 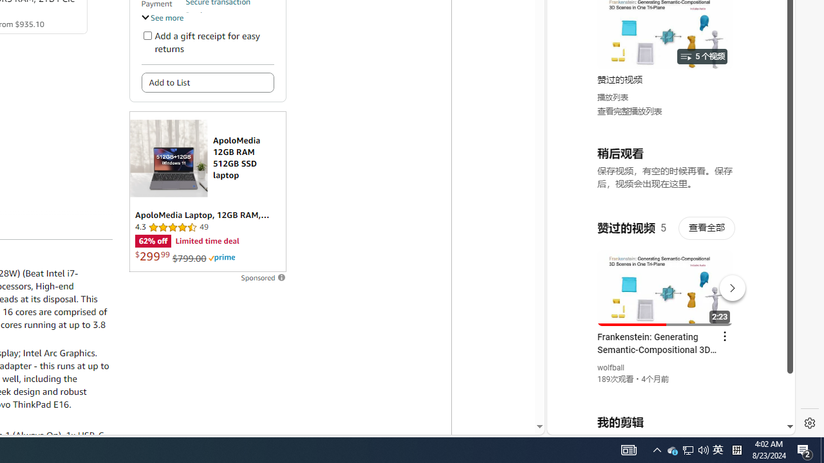 What do you see at coordinates (666, 277) in the screenshot?
I see `'YouTube'` at bounding box center [666, 277].